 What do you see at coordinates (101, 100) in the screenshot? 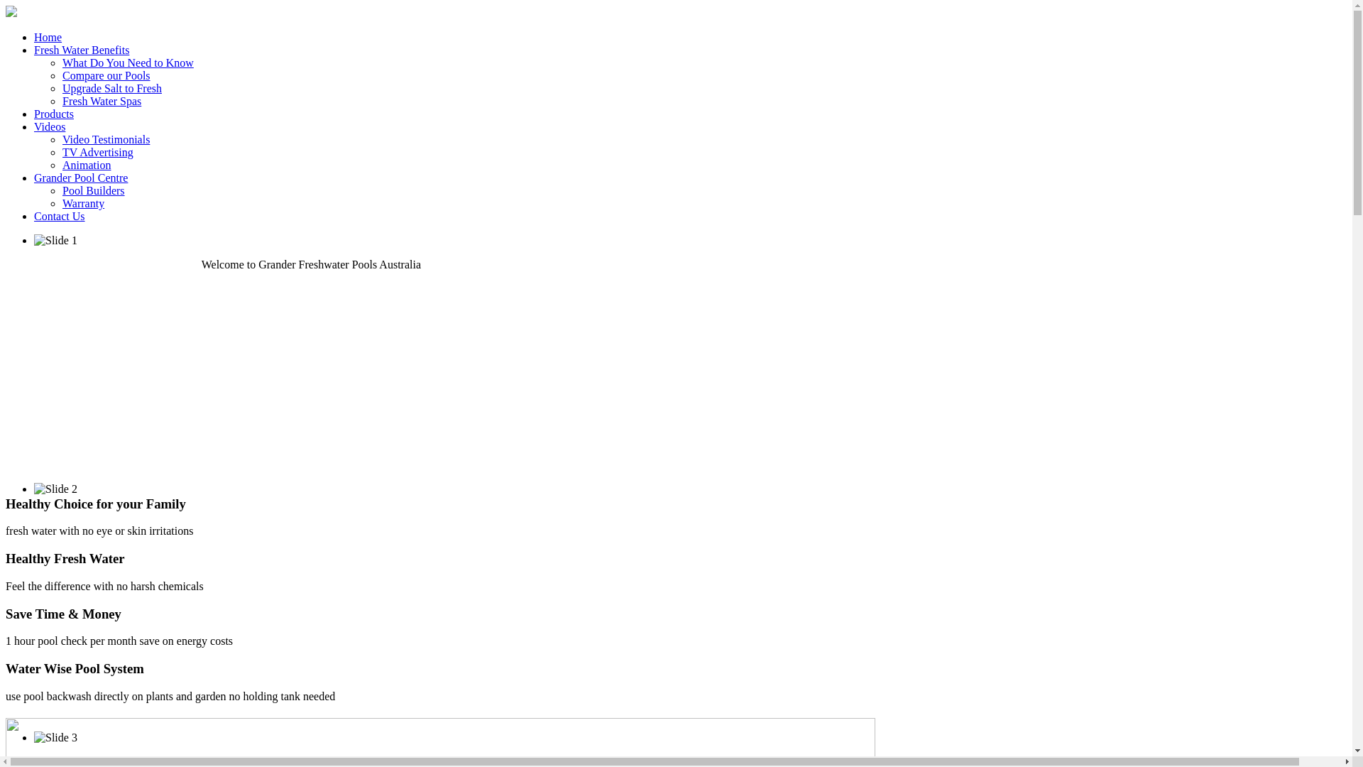
I see `'Fresh Water Spas'` at bounding box center [101, 100].